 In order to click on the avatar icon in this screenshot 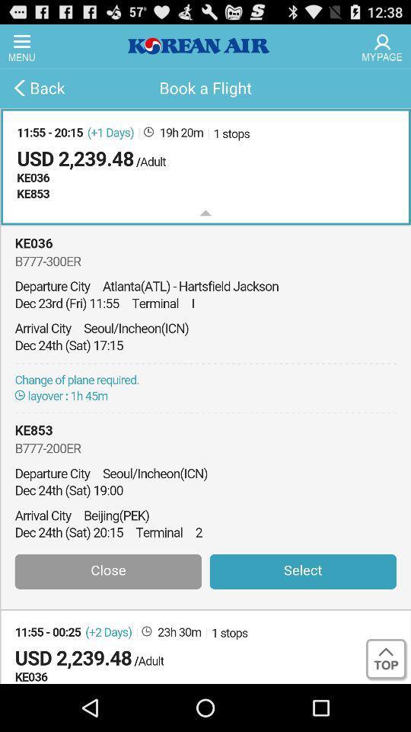, I will do `click(381, 49)`.